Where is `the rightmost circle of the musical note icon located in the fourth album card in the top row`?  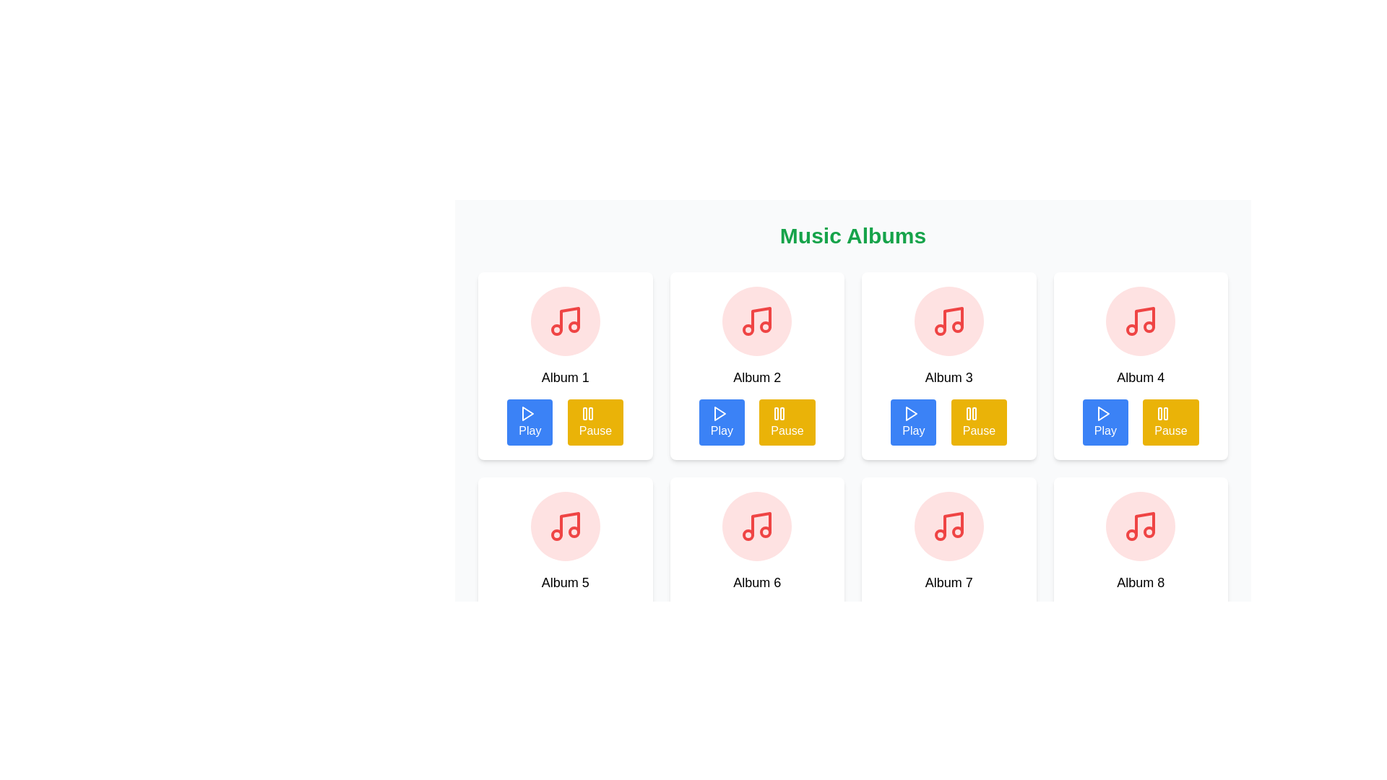
the rightmost circle of the musical note icon located in the fourth album card in the top row is located at coordinates (1149, 326).